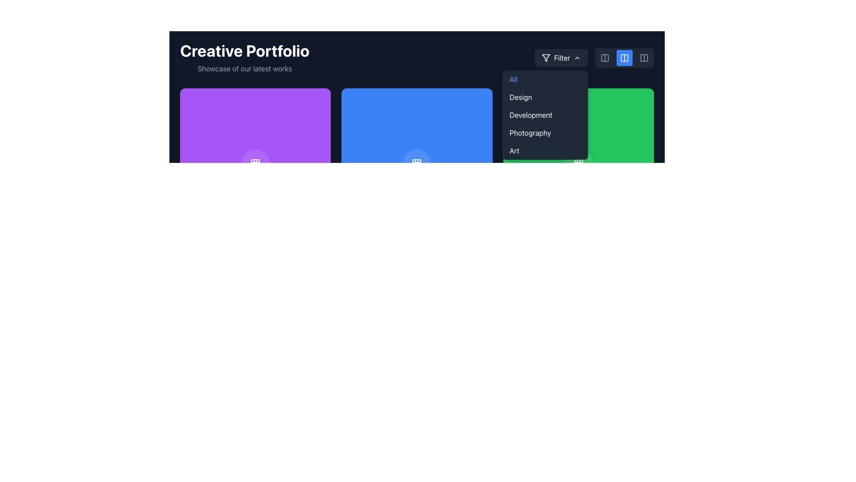 This screenshot has width=856, height=482. What do you see at coordinates (605, 58) in the screenshot?
I see `the Icon button resembling two vertical panels` at bounding box center [605, 58].